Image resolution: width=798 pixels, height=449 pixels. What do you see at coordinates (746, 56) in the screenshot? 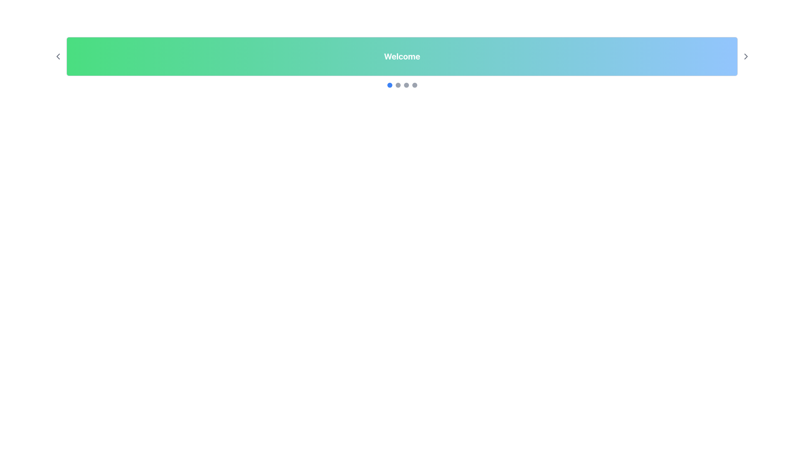
I see `the right-facing chevron arrow icon located within the 'Next' button in the navigation bar` at bounding box center [746, 56].